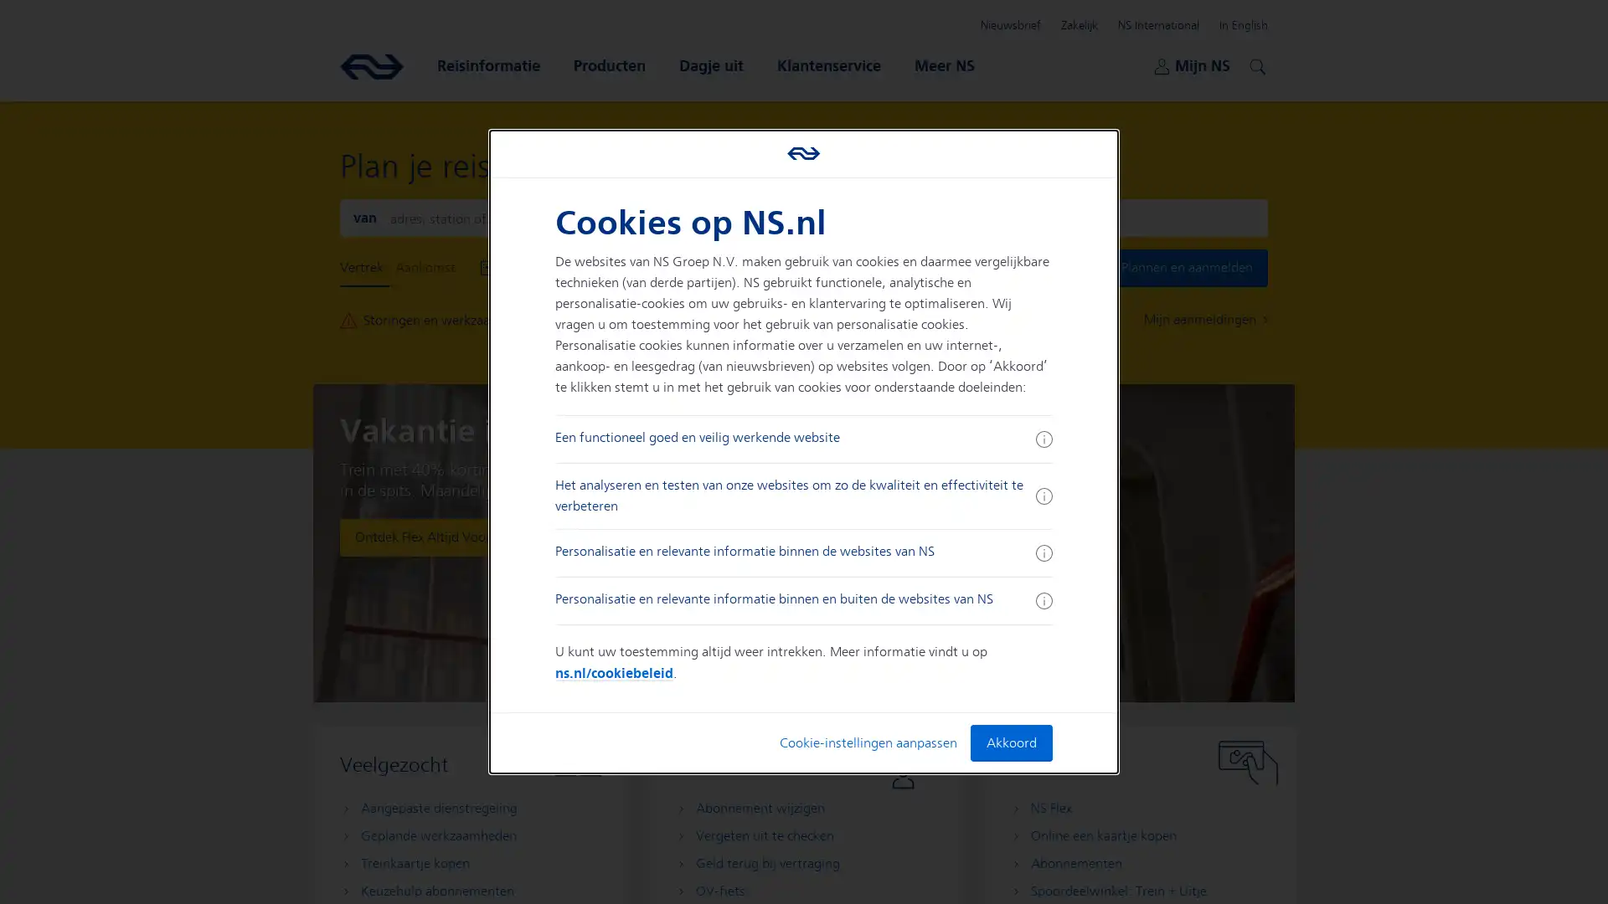 The image size is (1608, 904). What do you see at coordinates (1043, 438) in the screenshot?
I see `Meer informatie ingeklapt` at bounding box center [1043, 438].